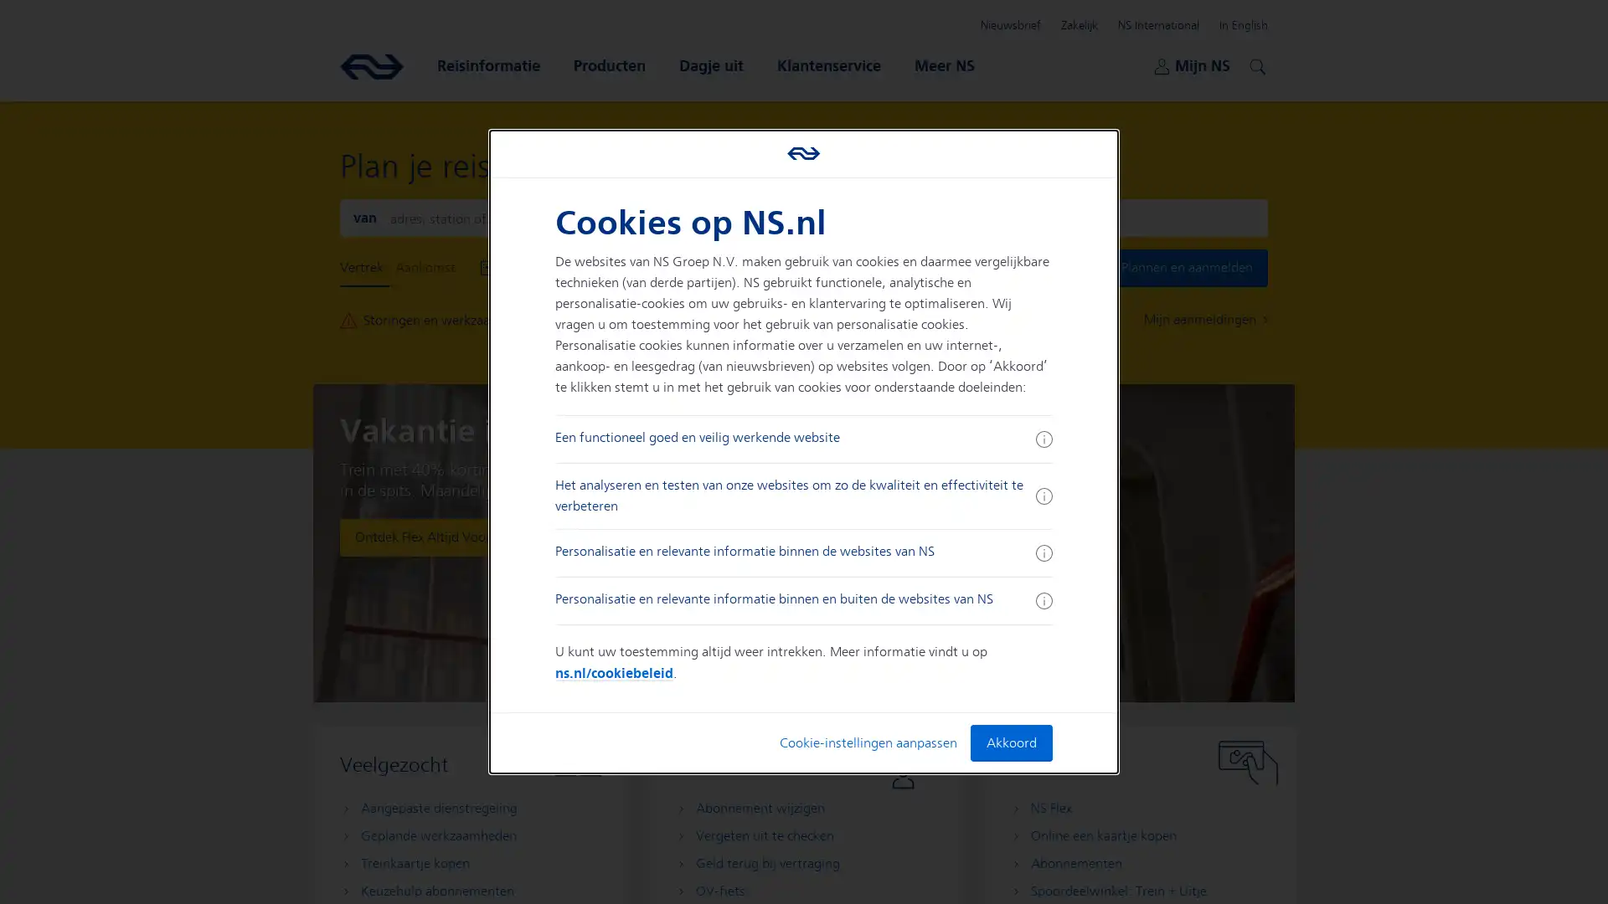 The image size is (1608, 904). What do you see at coordinates (1043, 438) in the screenshot?
I see `Meer informatie ingeklapt` at bounding box center [1043, 438].